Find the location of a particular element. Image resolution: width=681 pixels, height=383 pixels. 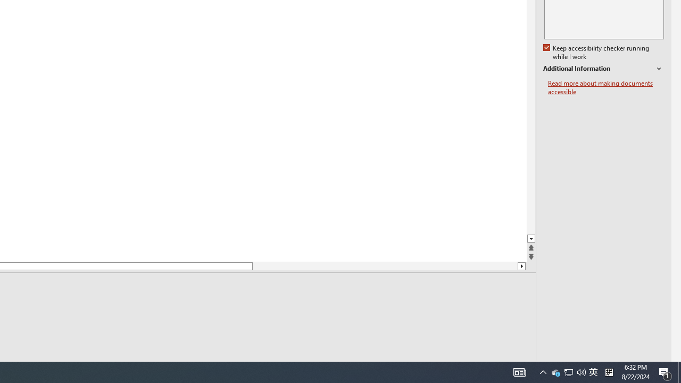

'User Promoted Notification Area' is located at coordinates (568, 371).